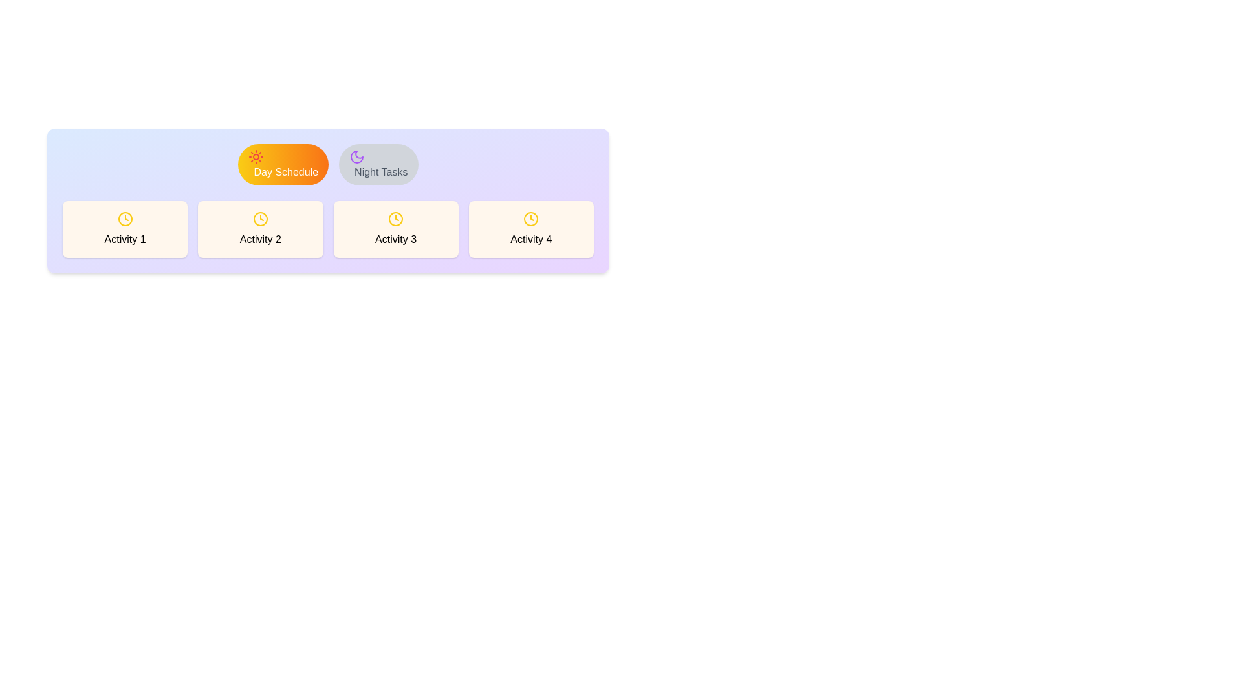 The width and height of the screenshot is (1242, 698). I want to click on the text Activity 3 within the content, so click(395, 228).